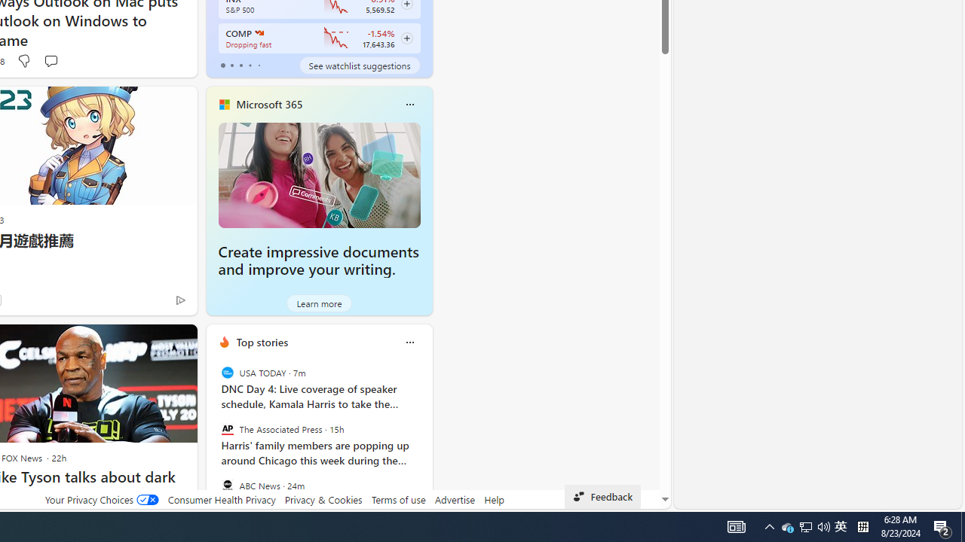 Image resolution: width=965 pixels, height=542 pixels. What do you see at coordinates (51, 60) in the screenshot?
I see `'Start the conversation'` at bounding box center [51, 60].